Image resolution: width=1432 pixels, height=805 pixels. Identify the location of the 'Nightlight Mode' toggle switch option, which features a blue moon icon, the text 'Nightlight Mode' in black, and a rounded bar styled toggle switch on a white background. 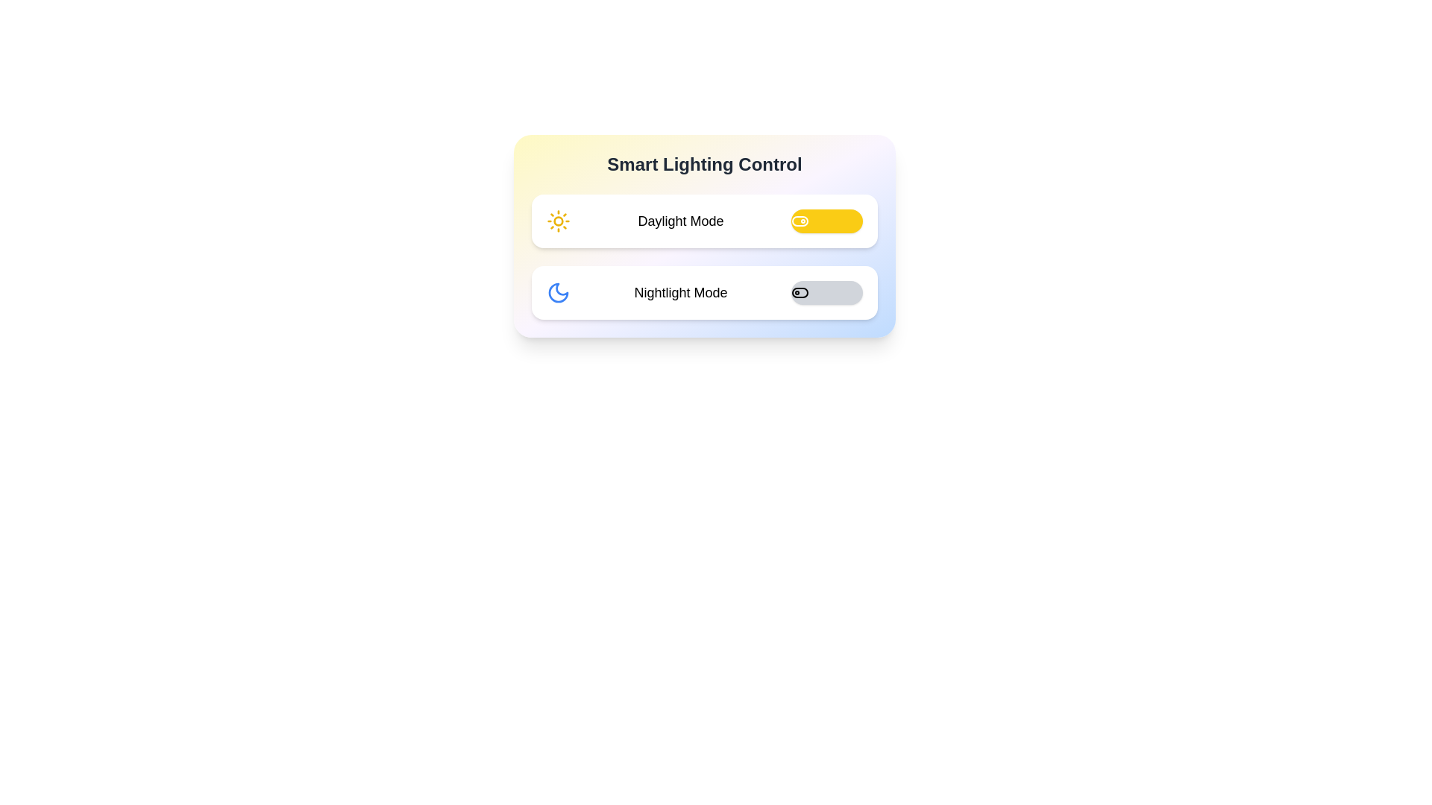
(704, 293).